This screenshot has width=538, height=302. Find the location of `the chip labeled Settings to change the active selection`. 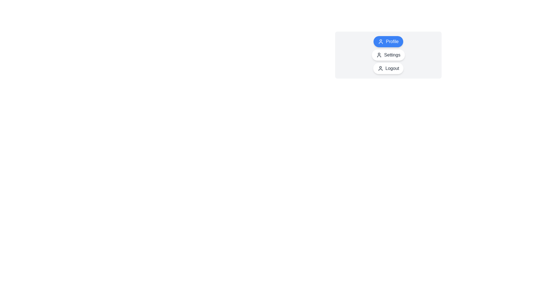

the chip labeled Settings to change the active selection is located at coordinates (388, 55).